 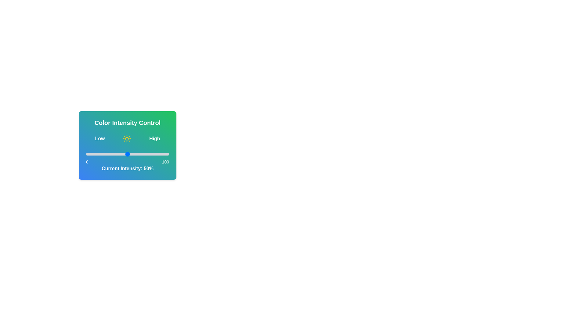 What do you see at coordinates (96, 154) in the screenshot?
I see `the intensity value` at bounding box center [96, 154].